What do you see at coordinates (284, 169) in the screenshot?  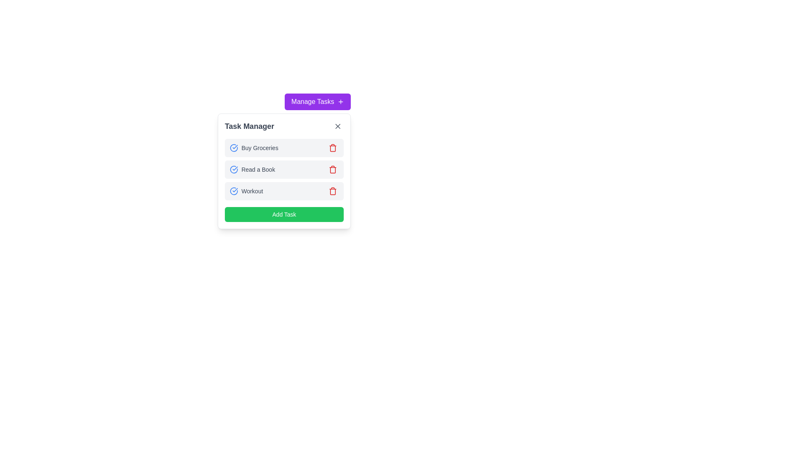 I see `the 'Read a Book' list item in the Task Manager section` at bounding box center [284, 169].